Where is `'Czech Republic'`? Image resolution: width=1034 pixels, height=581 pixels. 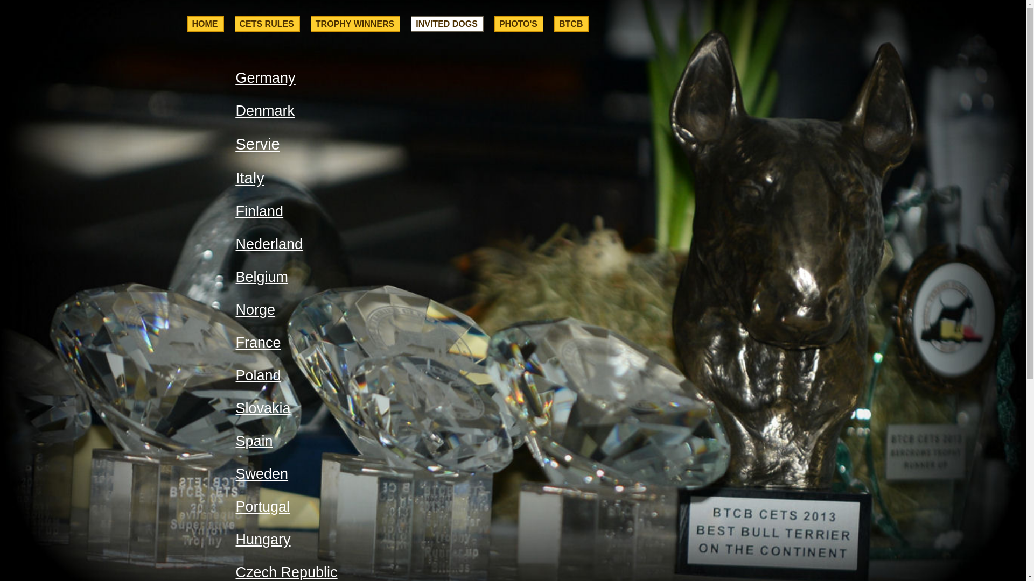 'Czech Republic' is located at coordinates (287, 572).